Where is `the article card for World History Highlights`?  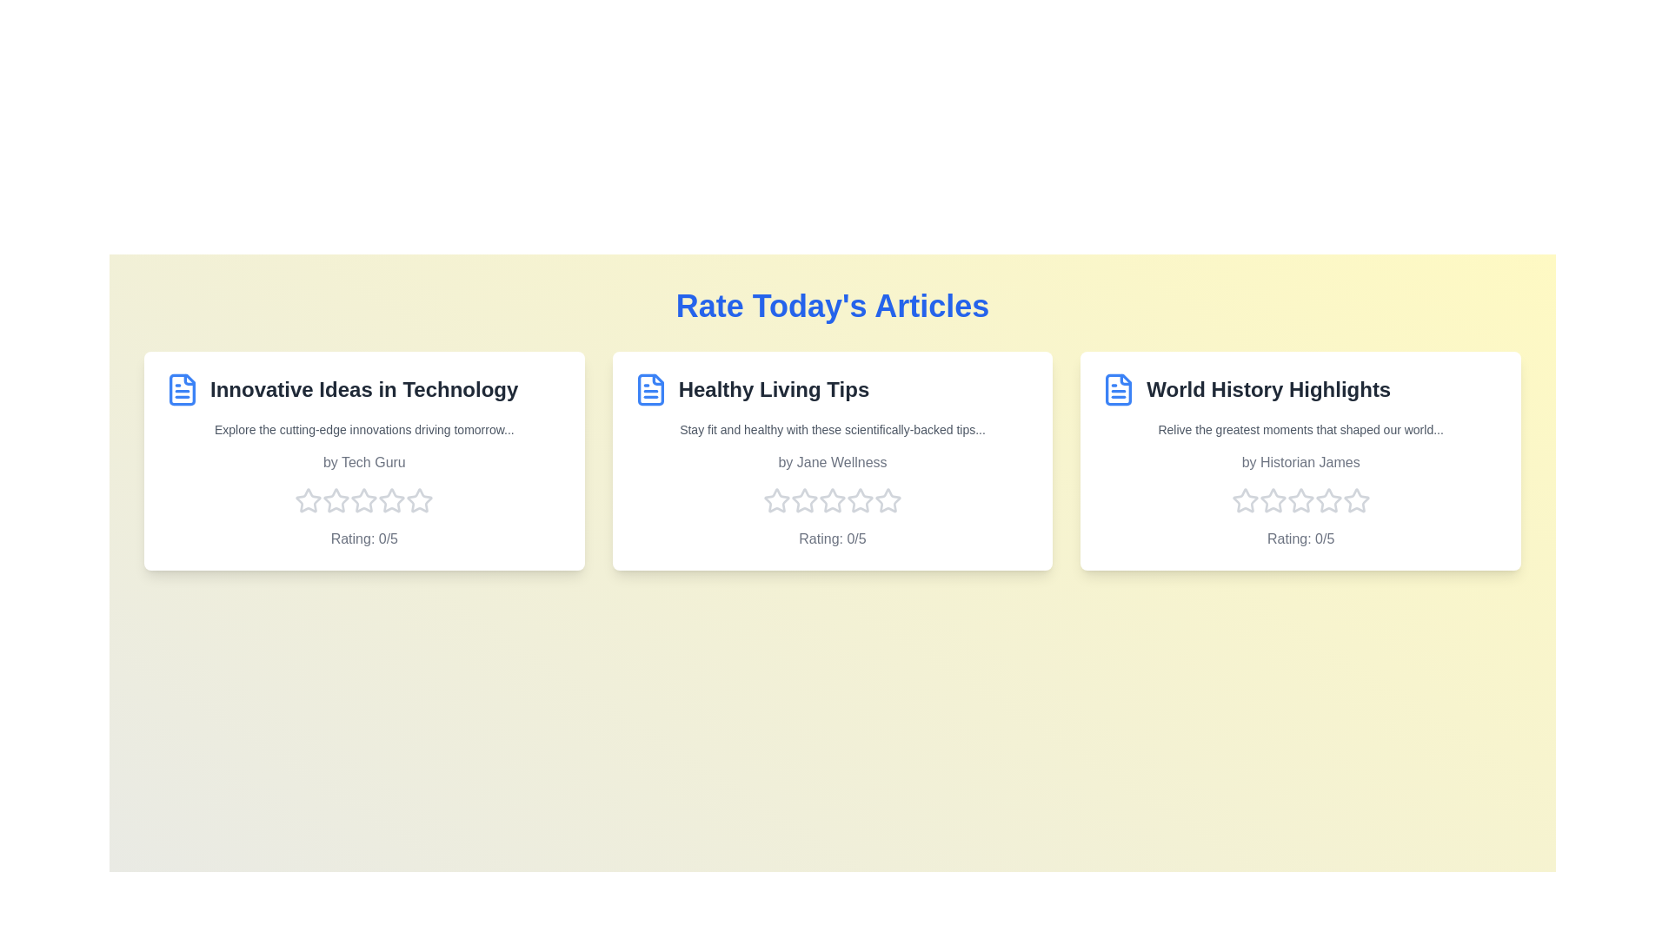
the article card for World History Highlights is located at coordinates (1300, 460).